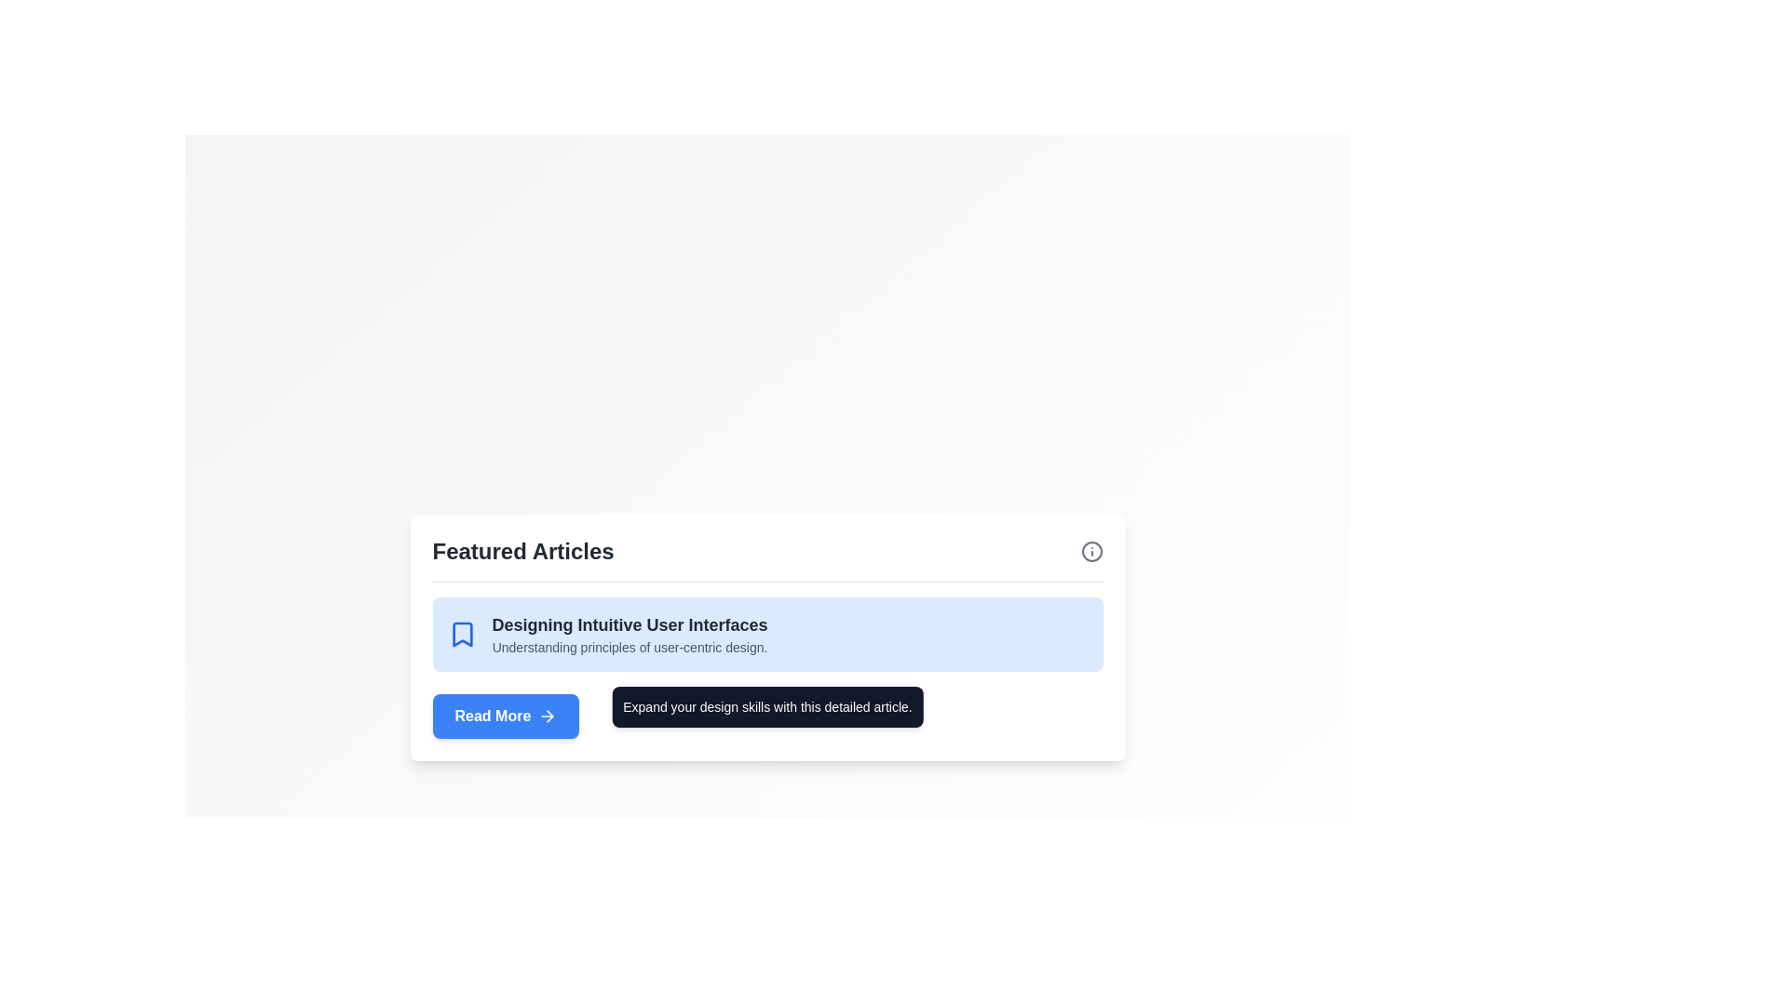  What do you see at coordinates (549, 715) in the screenshot?
I see `the small, right-pointing arrow icon located within the blue 'Read More' button under the 'Featured Articles' heading` at bounding box center [549, 715].